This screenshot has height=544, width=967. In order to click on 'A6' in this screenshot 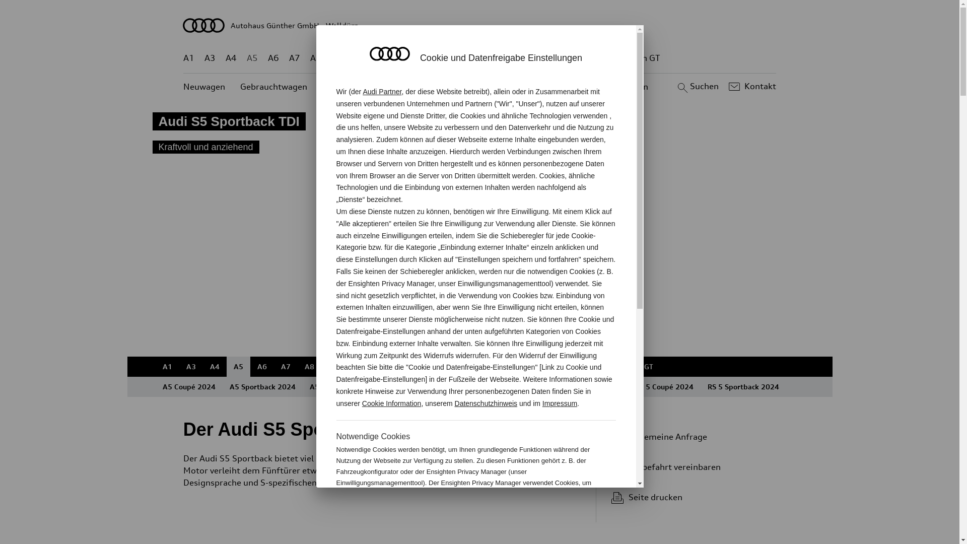, I will do `click(261, 367)`.